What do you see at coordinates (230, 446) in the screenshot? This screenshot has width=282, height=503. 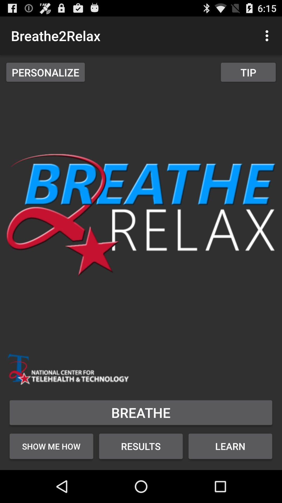 I see `item next to the results icon` at bounding box center [230, 446].